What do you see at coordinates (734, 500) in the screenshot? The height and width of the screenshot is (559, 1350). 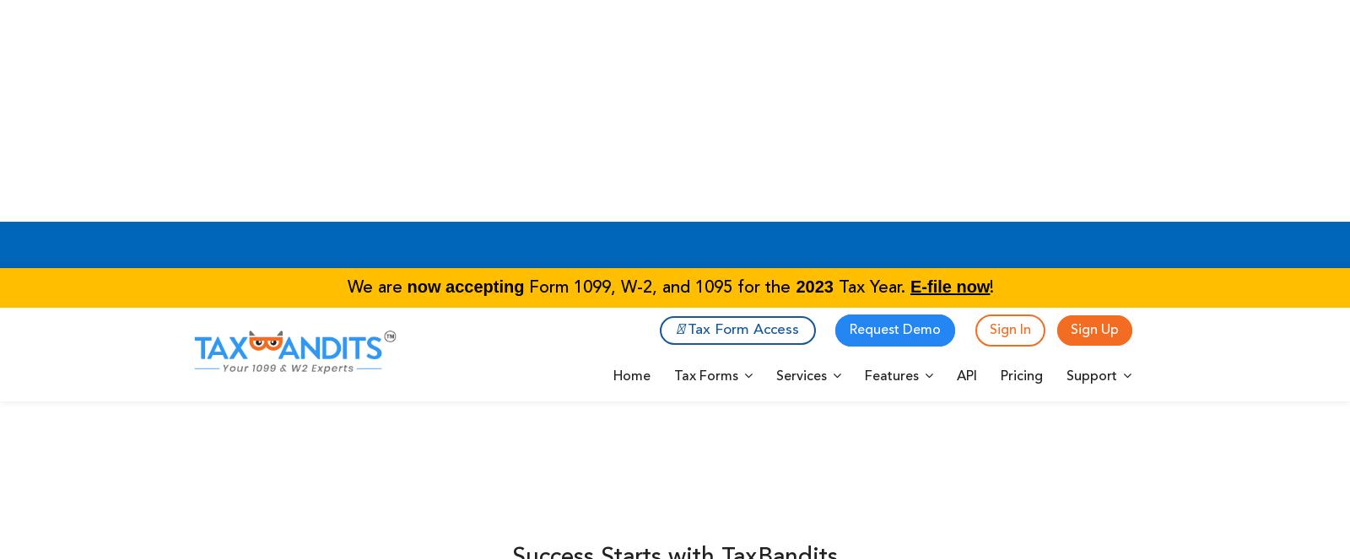 I see `'Developers'` at bounding box center [734, 500].